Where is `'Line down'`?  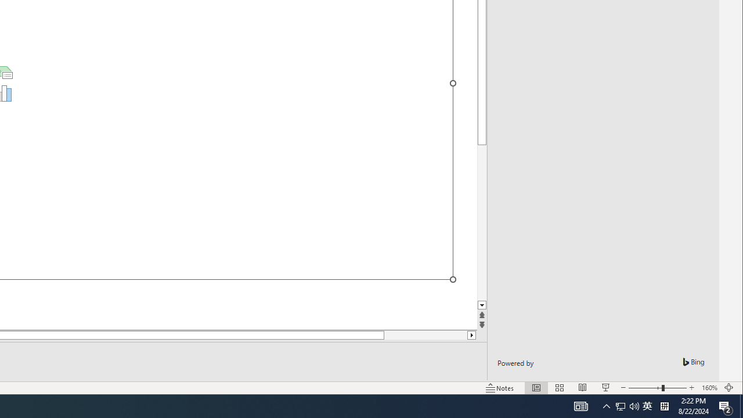 'Line down' is located at coordinates (482, 305).